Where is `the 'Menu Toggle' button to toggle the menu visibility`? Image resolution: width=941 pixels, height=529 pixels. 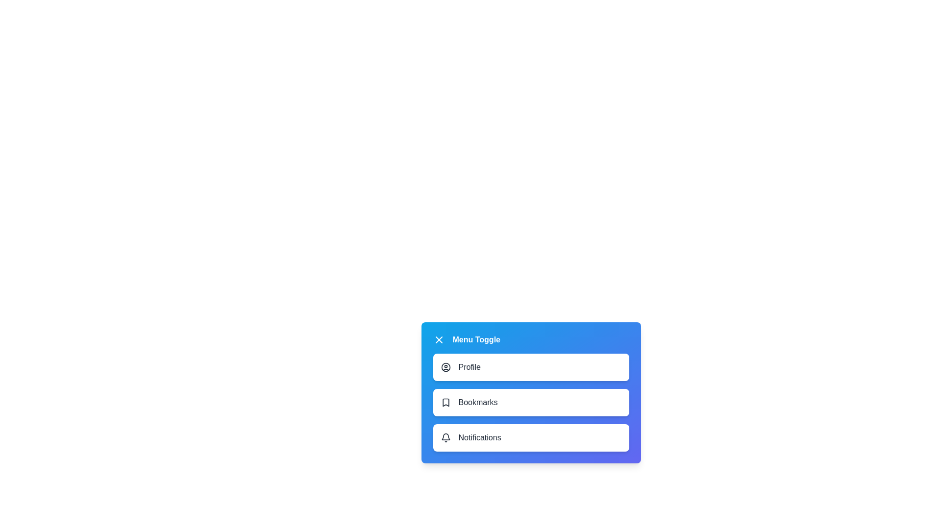 the 'Menu Toggle' button to toggle the menu visibility is located at coordinates (466, 339).